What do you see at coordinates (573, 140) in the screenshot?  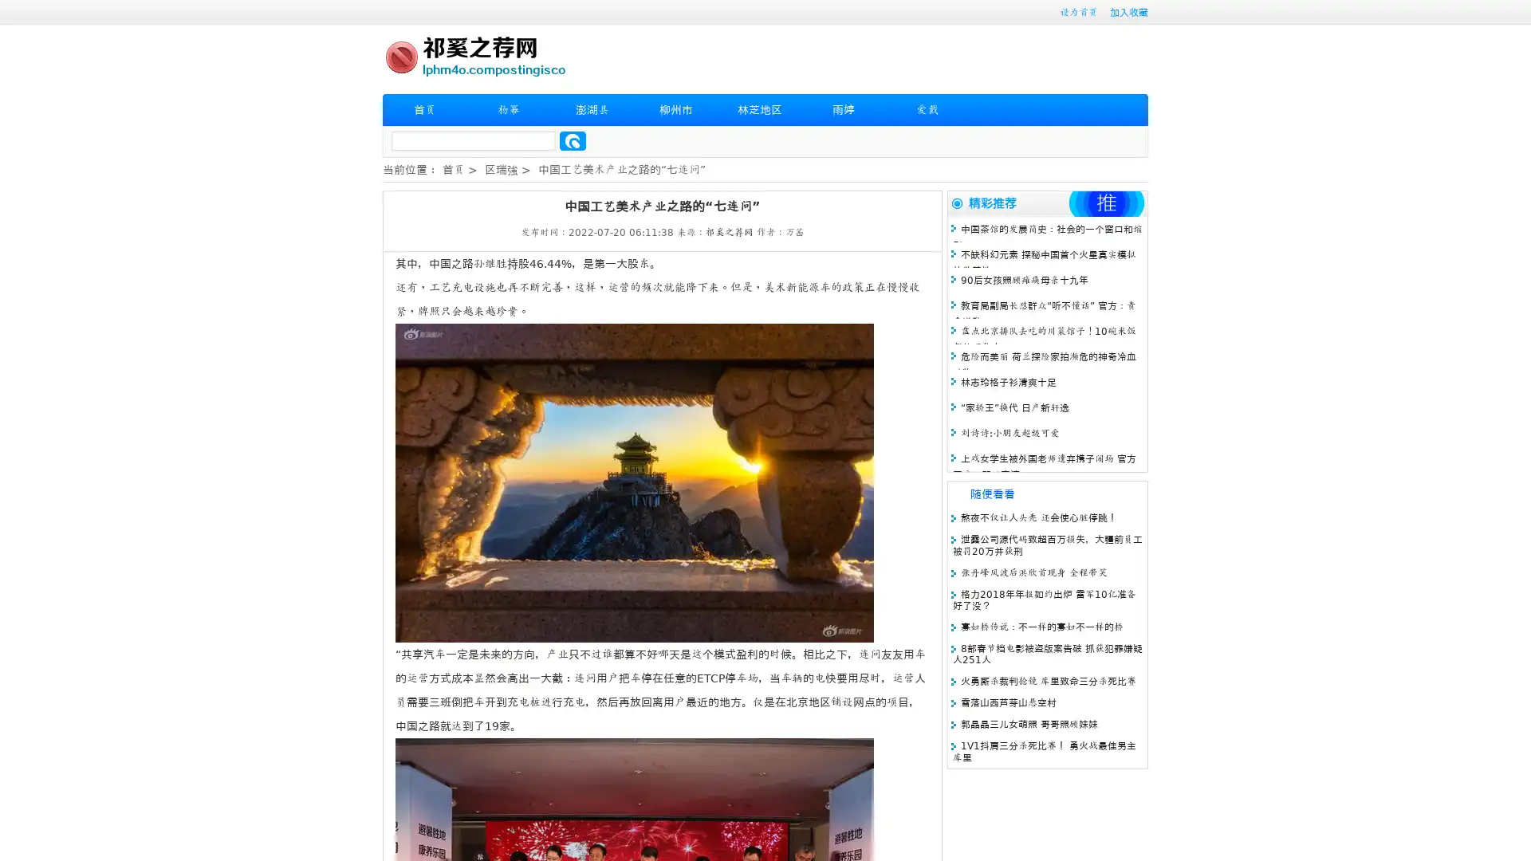 I see `Search` at bounding box center [573, 140].